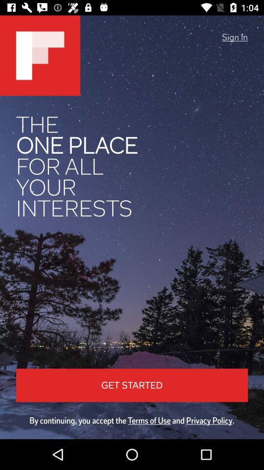  Describe the element at coordinates (132, 420) in the screenshot. I see `by continuing you` at that location.